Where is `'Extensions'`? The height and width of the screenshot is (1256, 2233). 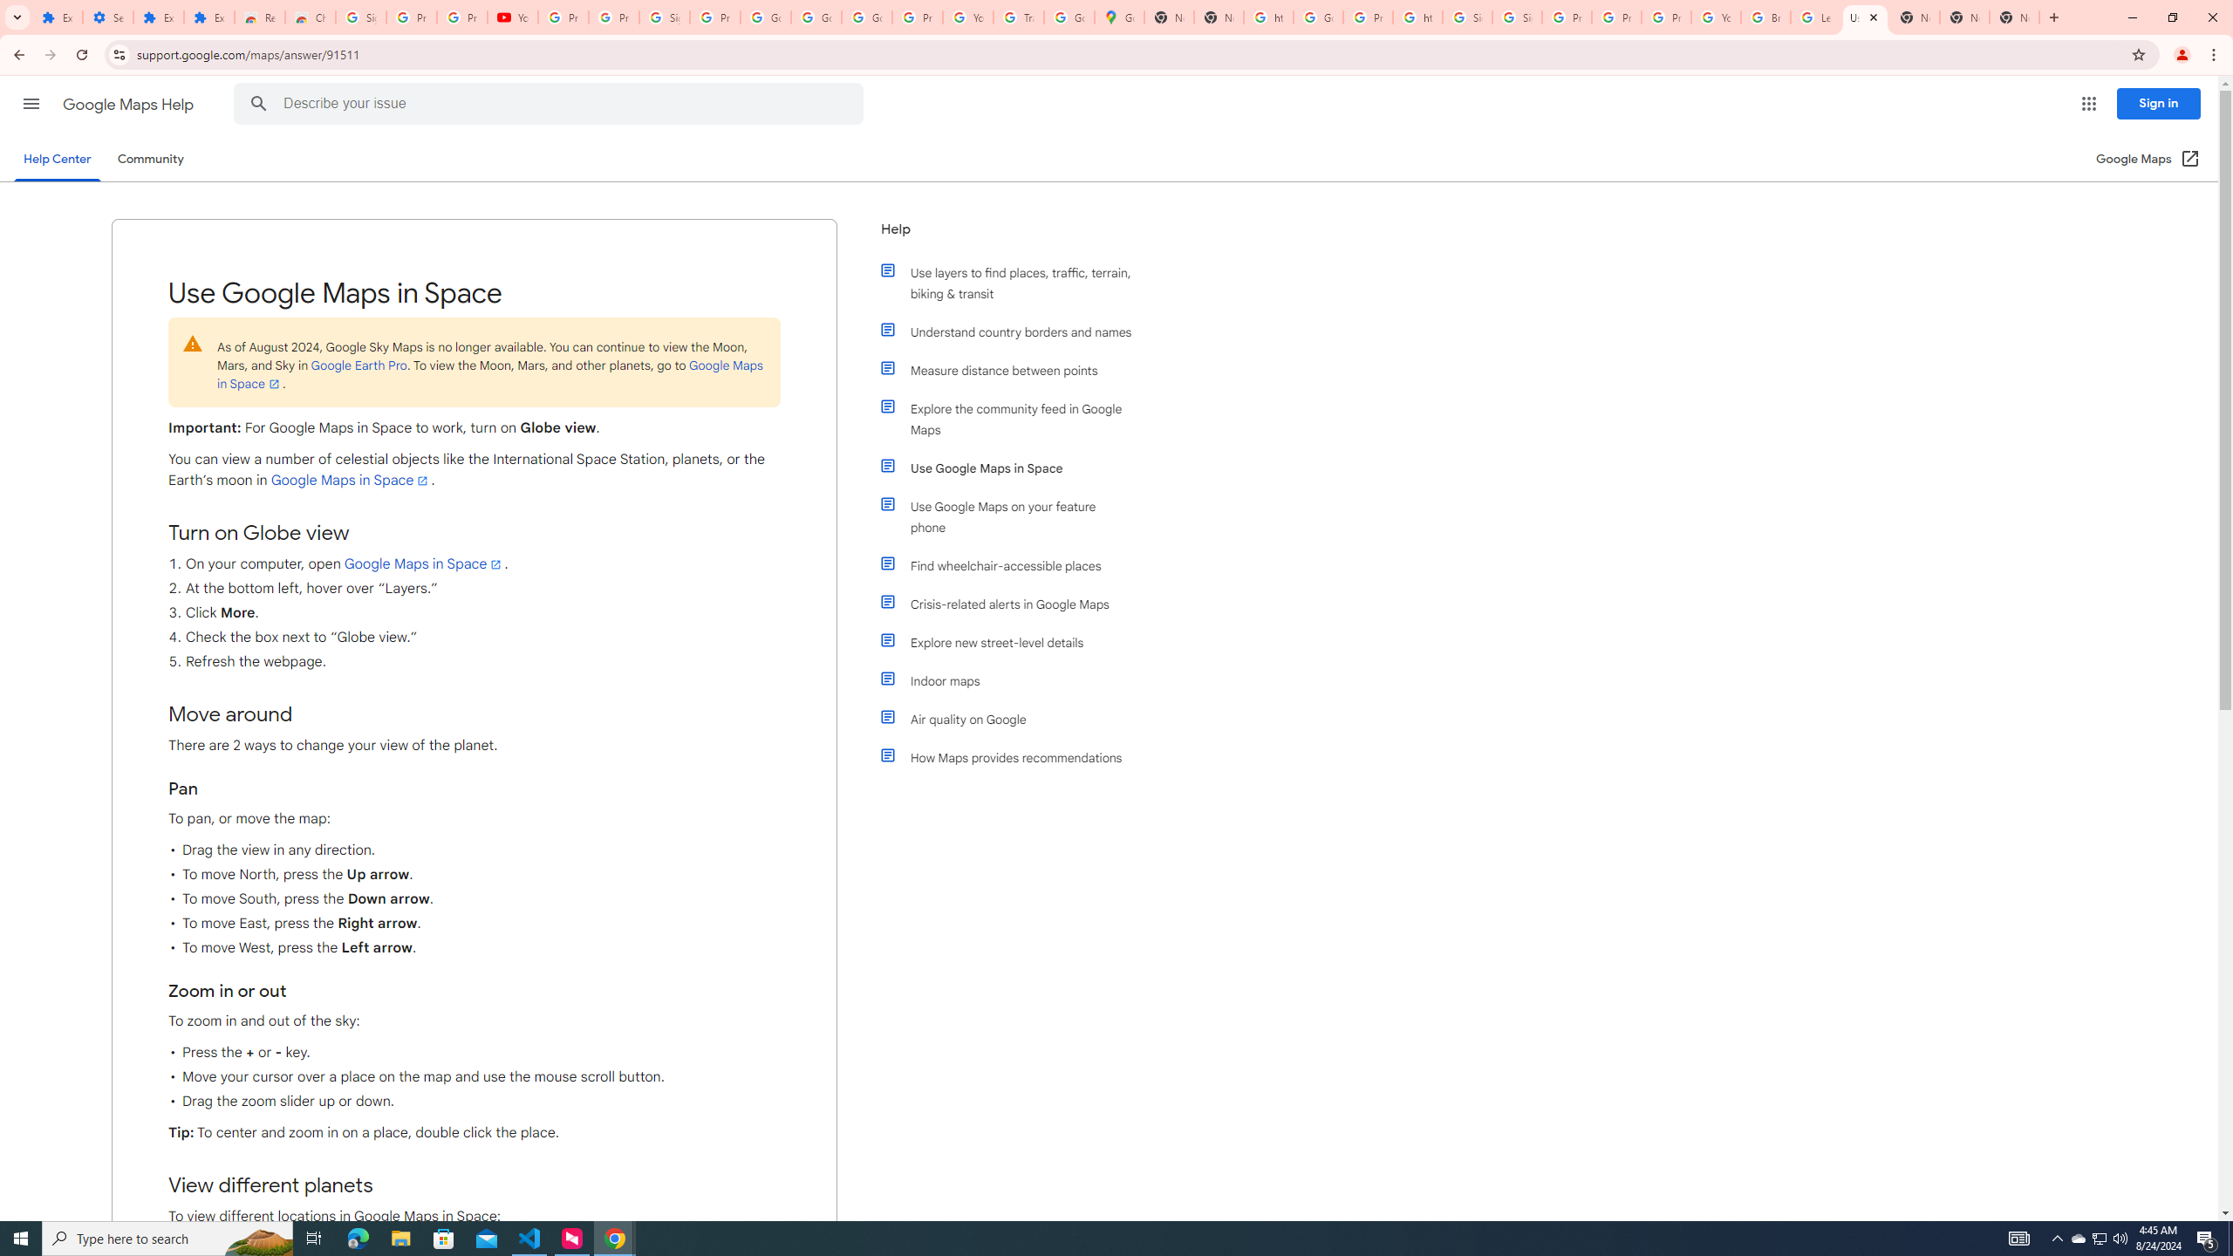 'Extensions' is located at coordinates (57, 17).